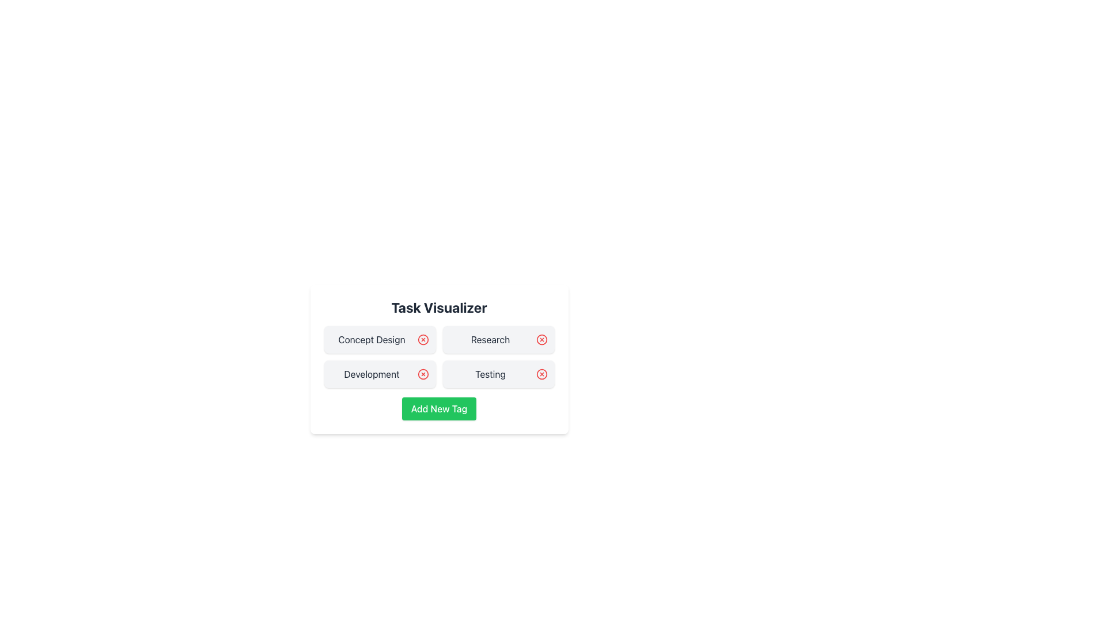  I want to click on the 'Research' button located in the top-right cell of the 'Task Visualizer' section, so click(498, 339).